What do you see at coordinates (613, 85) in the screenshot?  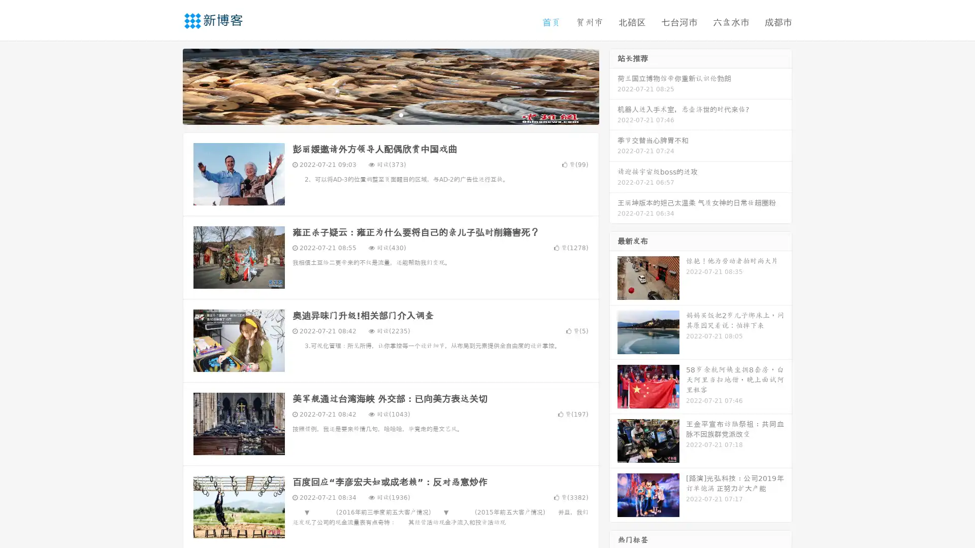 I see `Next slide` at bounding box center [613, 85].